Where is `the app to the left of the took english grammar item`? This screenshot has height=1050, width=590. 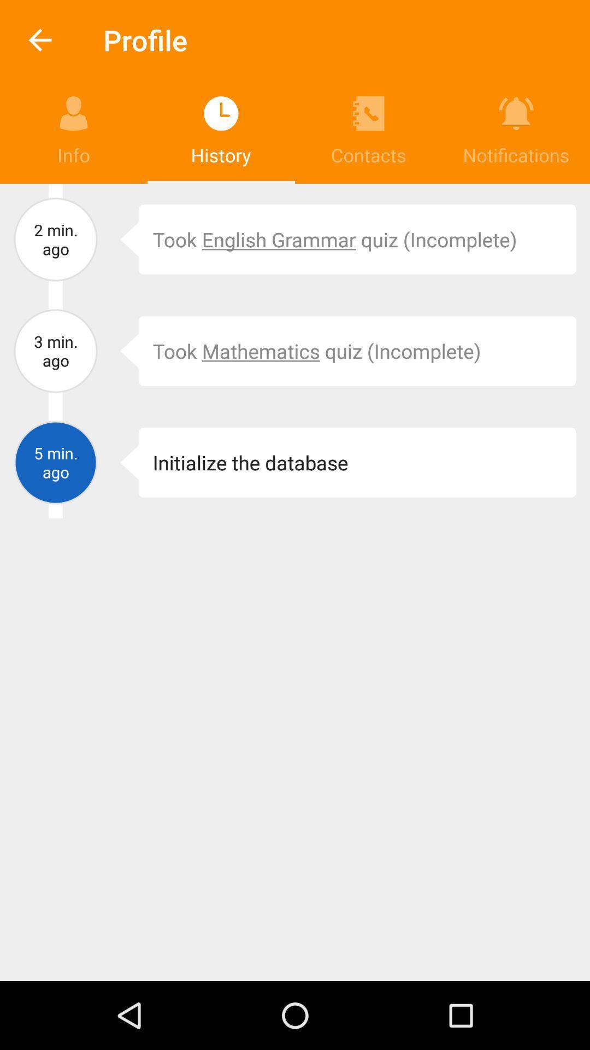 the app to the left of the took english grammar item is located at coordinates (121, 238).